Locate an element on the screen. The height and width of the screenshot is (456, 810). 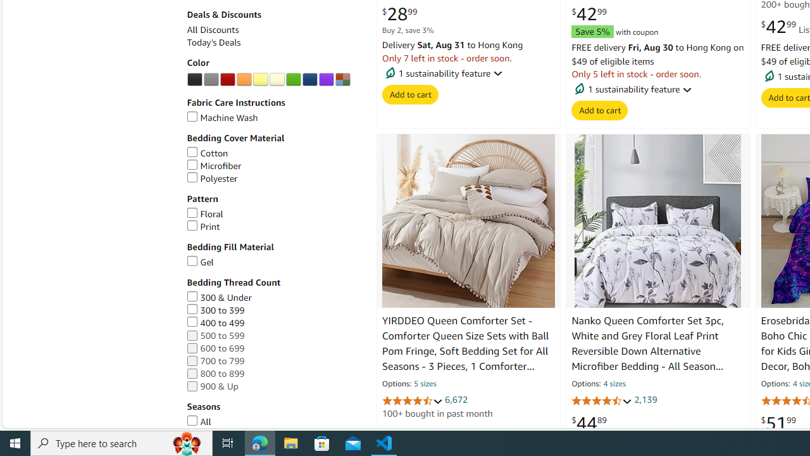
'4.4 out of 5 stars' is located at coordinates (601, 401).